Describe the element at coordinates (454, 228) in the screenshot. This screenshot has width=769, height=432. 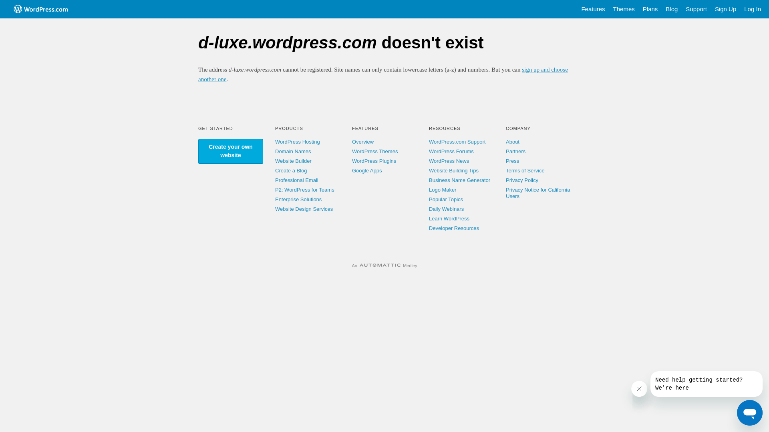
I see `'Developer Resources'` at that location.